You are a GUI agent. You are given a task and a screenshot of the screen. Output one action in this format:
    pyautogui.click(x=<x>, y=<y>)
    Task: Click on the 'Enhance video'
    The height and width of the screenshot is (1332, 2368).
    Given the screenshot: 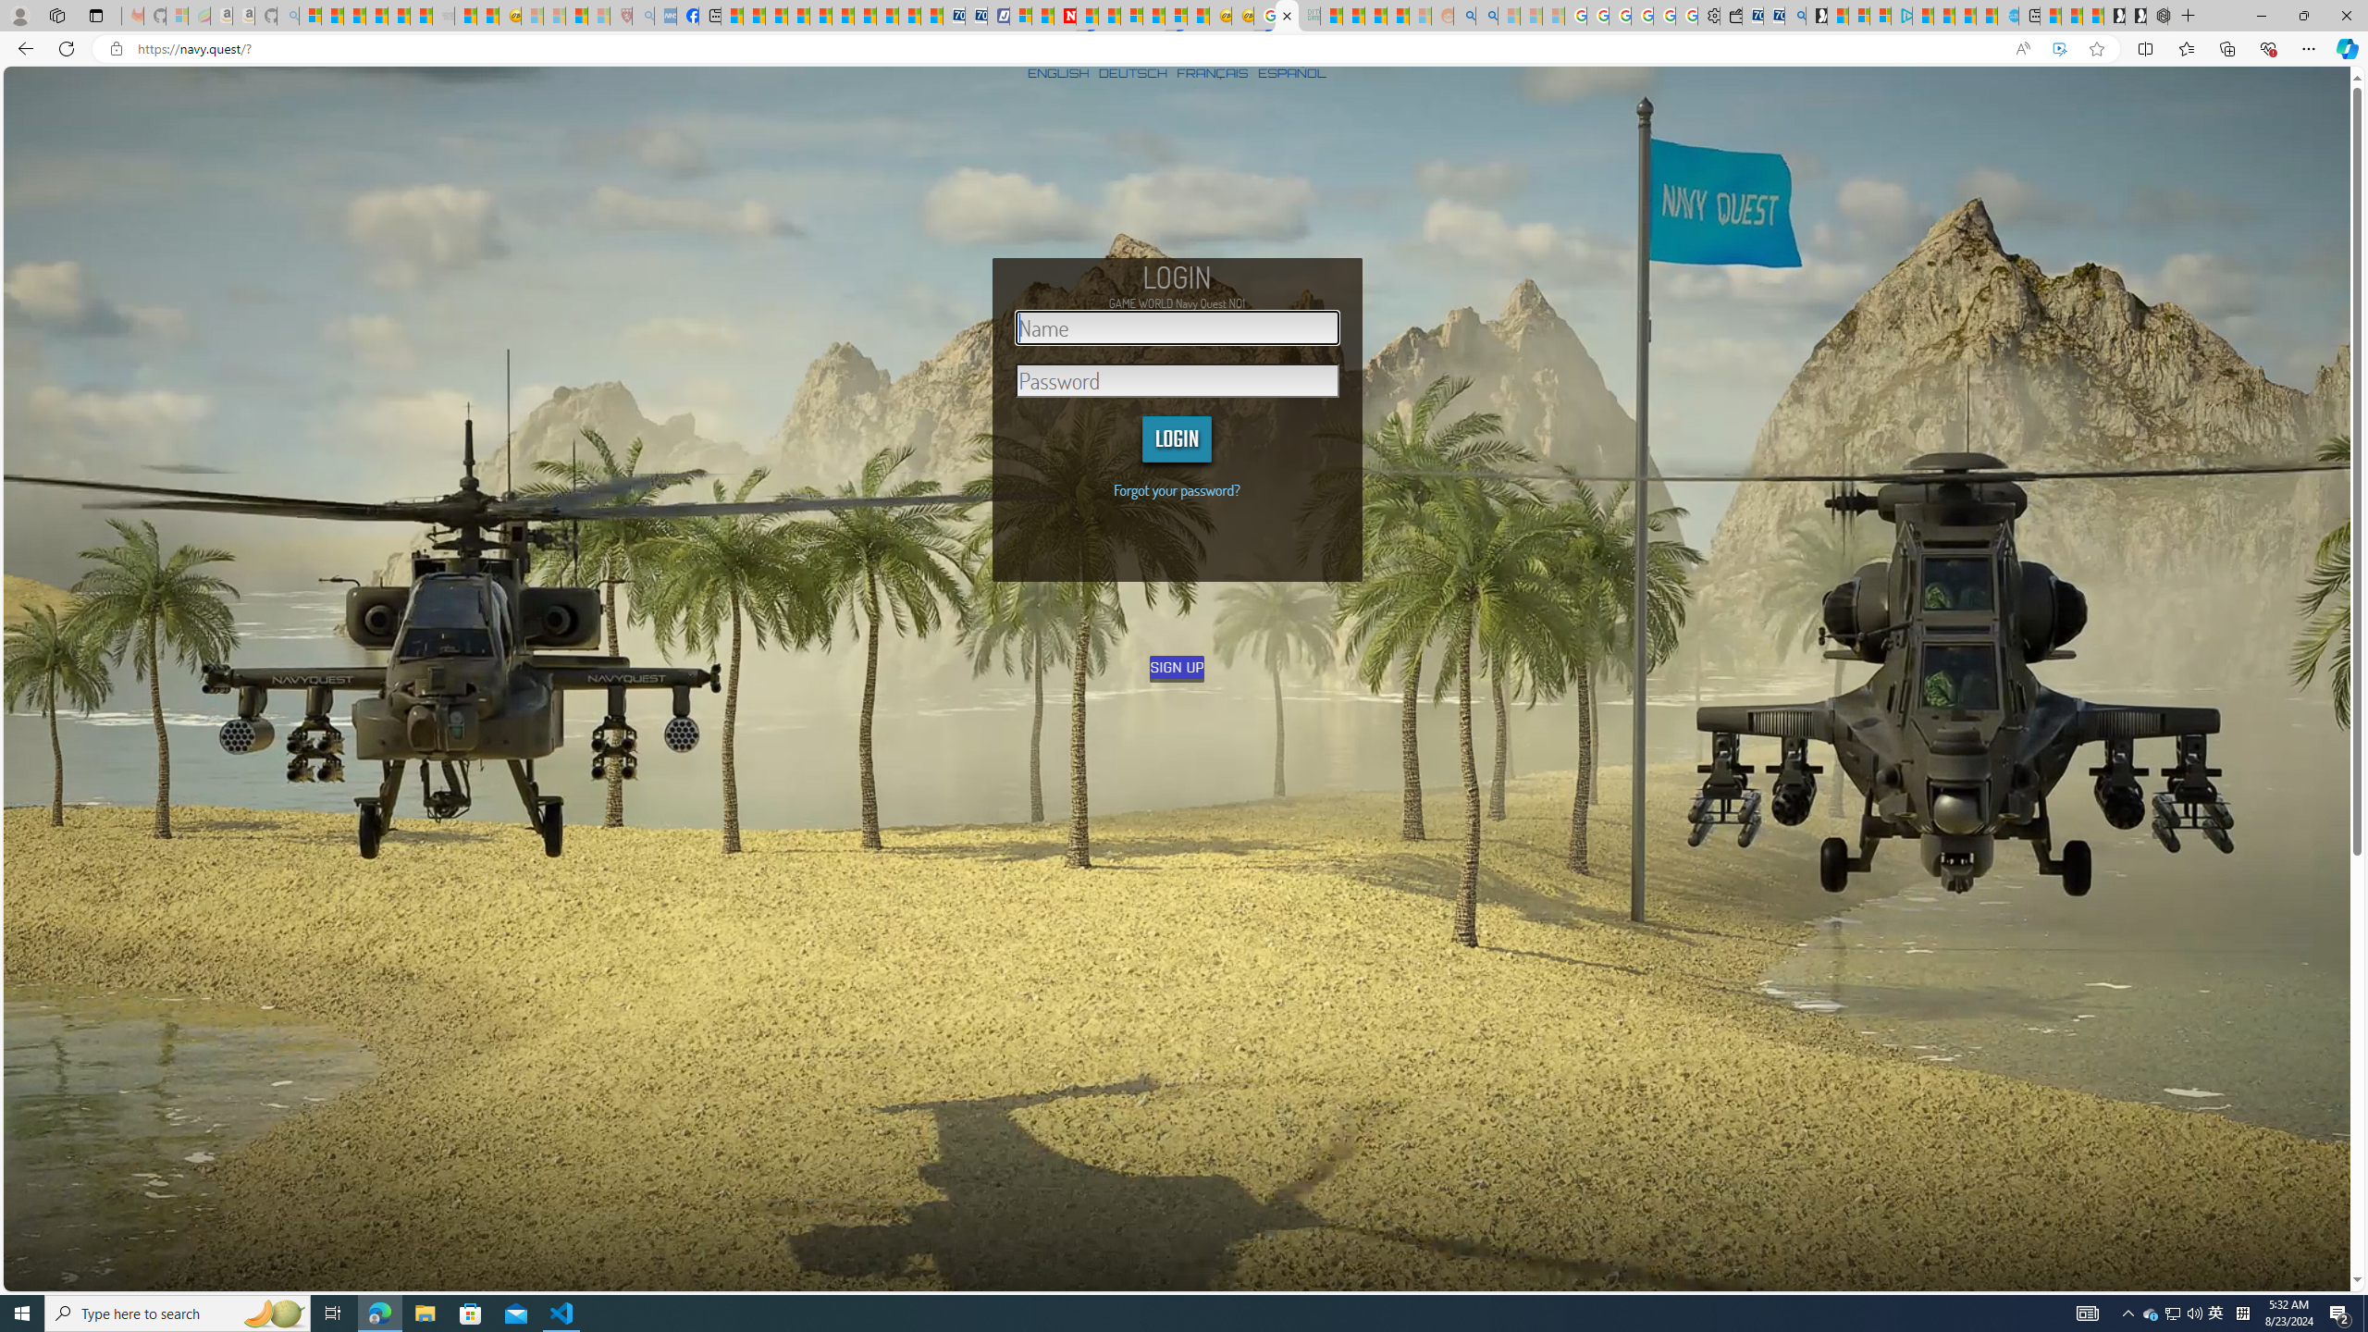 What is the action you would take?
    pyautogui.click(x=2059, y=49)
    